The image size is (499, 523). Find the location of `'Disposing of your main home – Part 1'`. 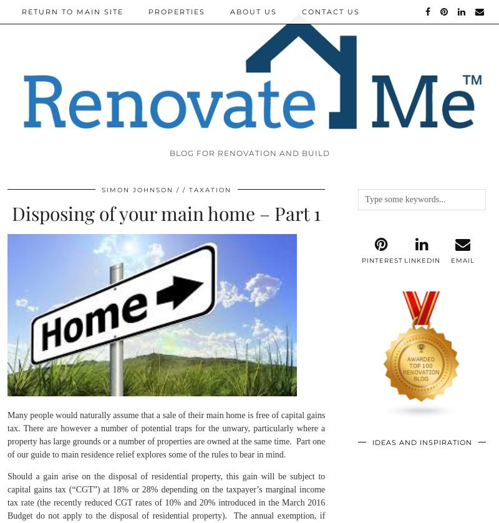

'Disposing of your main home – Part 1' is located at coordinates (12, 212).